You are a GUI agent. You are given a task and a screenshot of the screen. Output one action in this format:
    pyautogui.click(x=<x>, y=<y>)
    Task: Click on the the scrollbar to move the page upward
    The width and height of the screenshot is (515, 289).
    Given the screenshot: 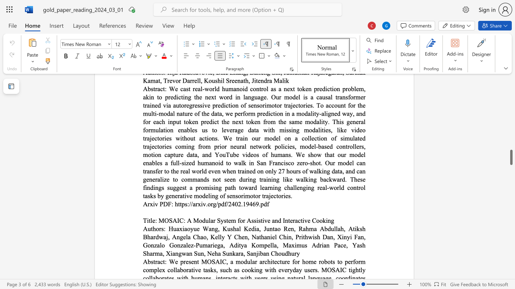 What is the action you would take?
    pyautogui.click(x=511, y=132)
    